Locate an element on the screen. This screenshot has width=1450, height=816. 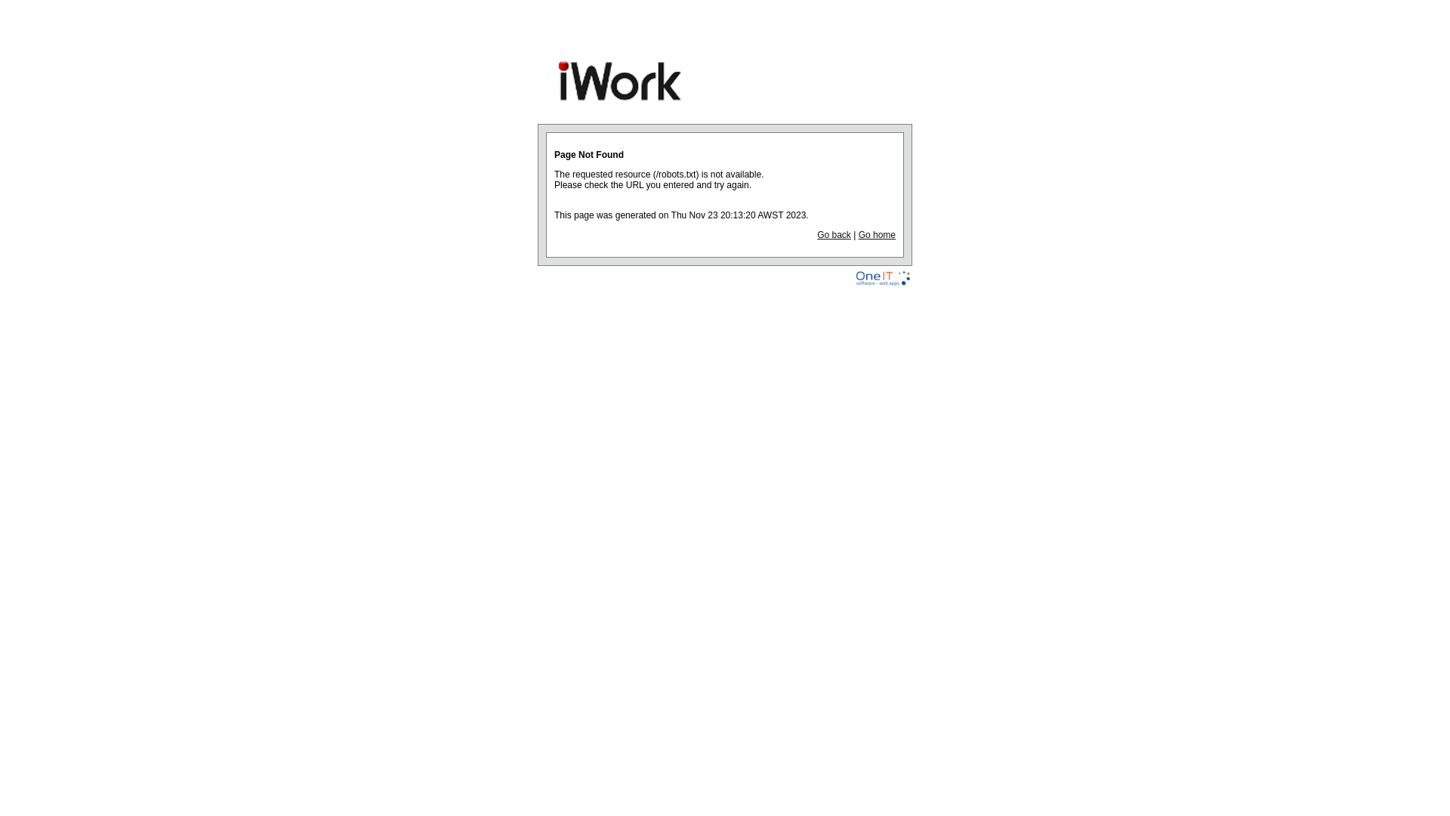
'Go home' is located at coordinates (877, 235).